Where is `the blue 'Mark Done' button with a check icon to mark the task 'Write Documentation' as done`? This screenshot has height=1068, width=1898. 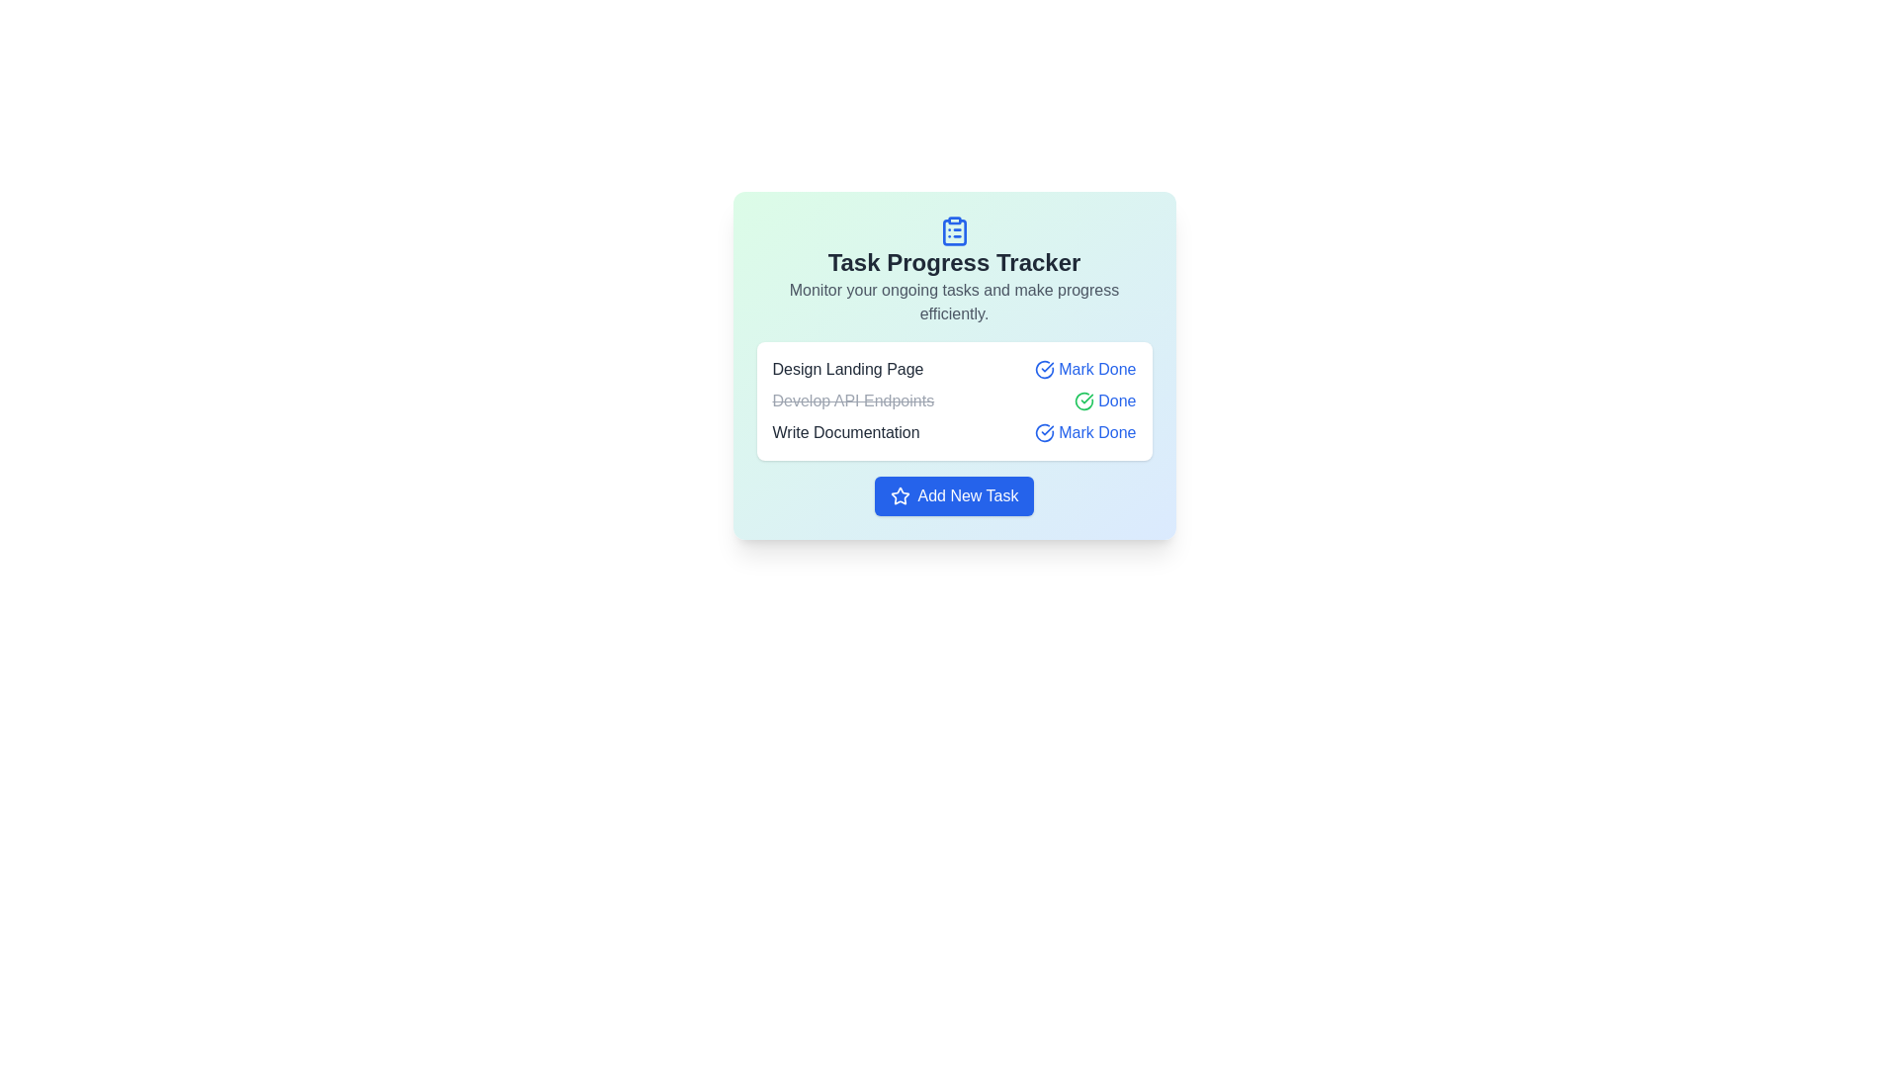 the blue 'Mark Done' button with a check icon to mark the task 'Write Documentation' as done is located at coordinates (1084, 432).